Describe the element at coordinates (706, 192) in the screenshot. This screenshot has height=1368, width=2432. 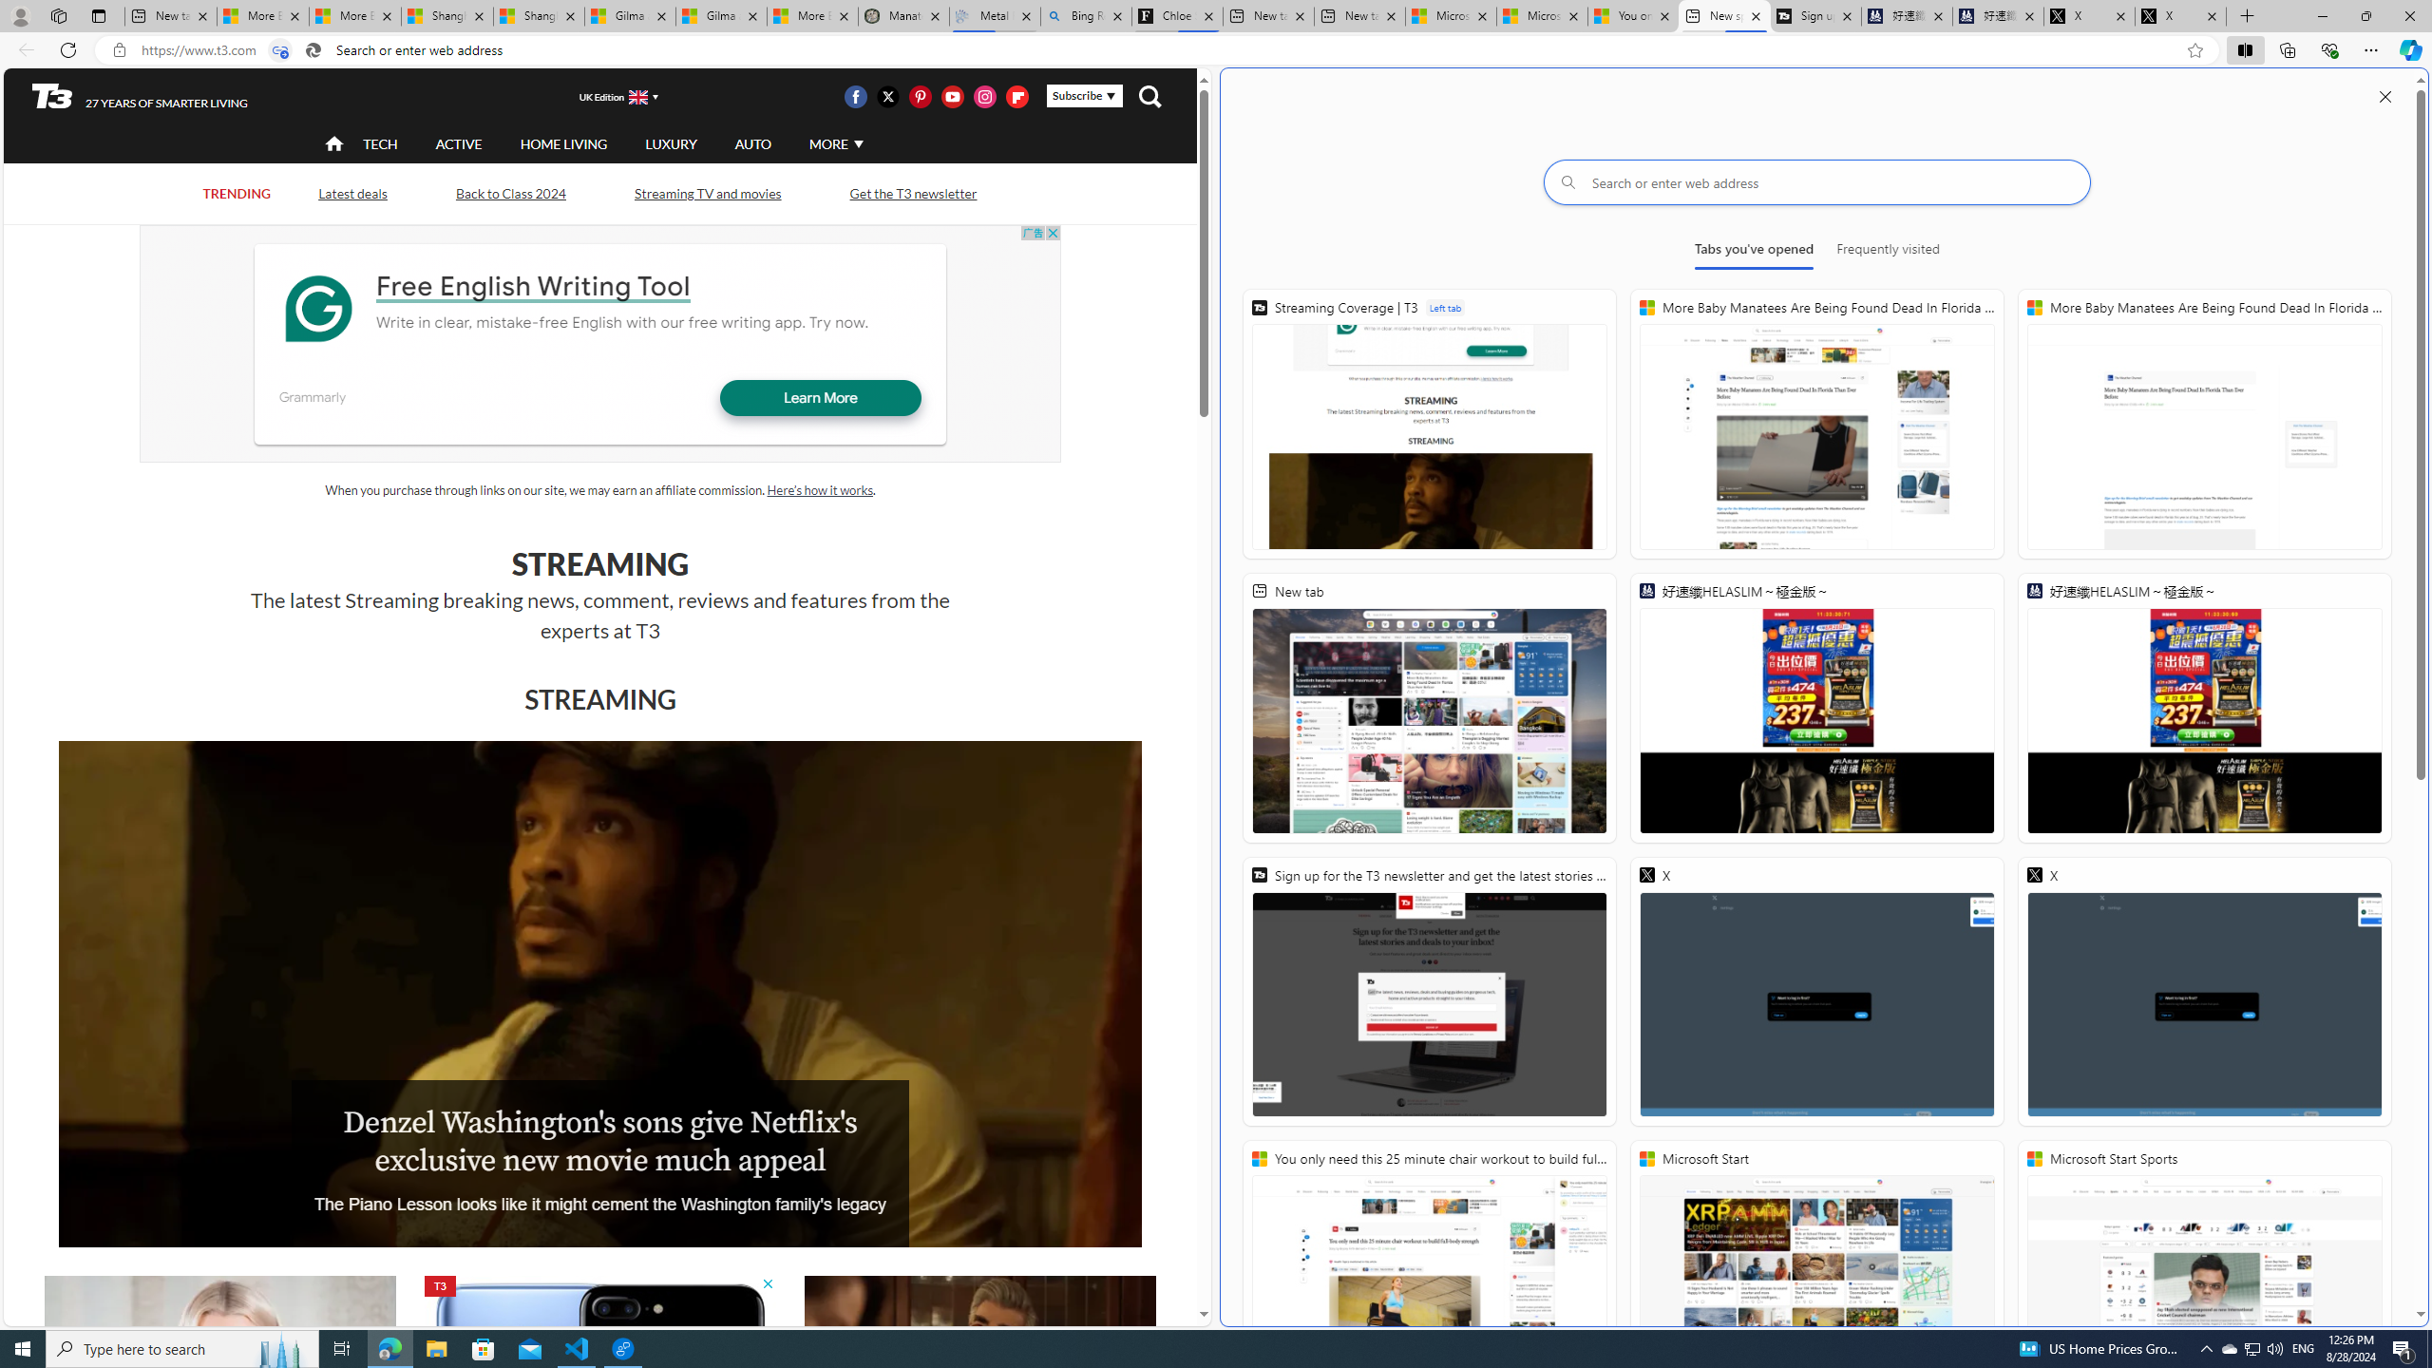
I see `'Streaming TV and movies'` at that location.